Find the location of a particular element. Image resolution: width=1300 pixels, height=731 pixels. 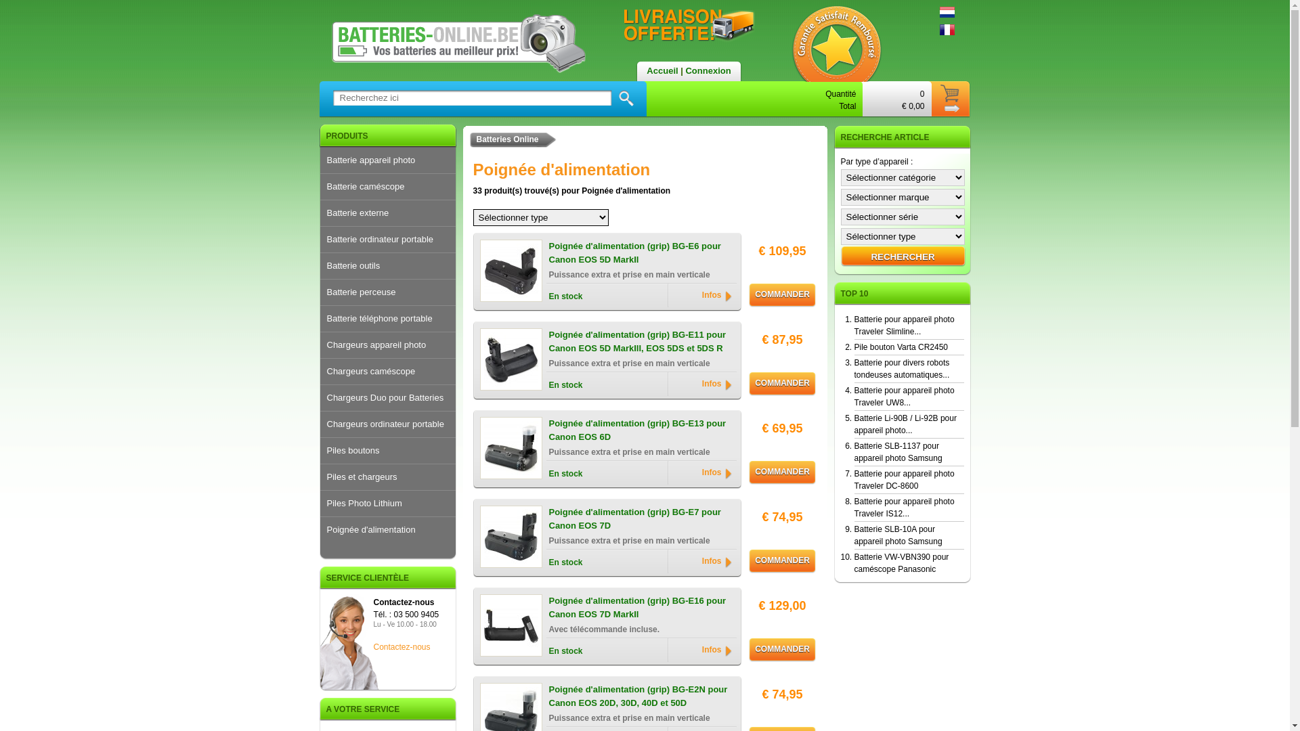

'Connexion' is located at coordinates (707, 70).